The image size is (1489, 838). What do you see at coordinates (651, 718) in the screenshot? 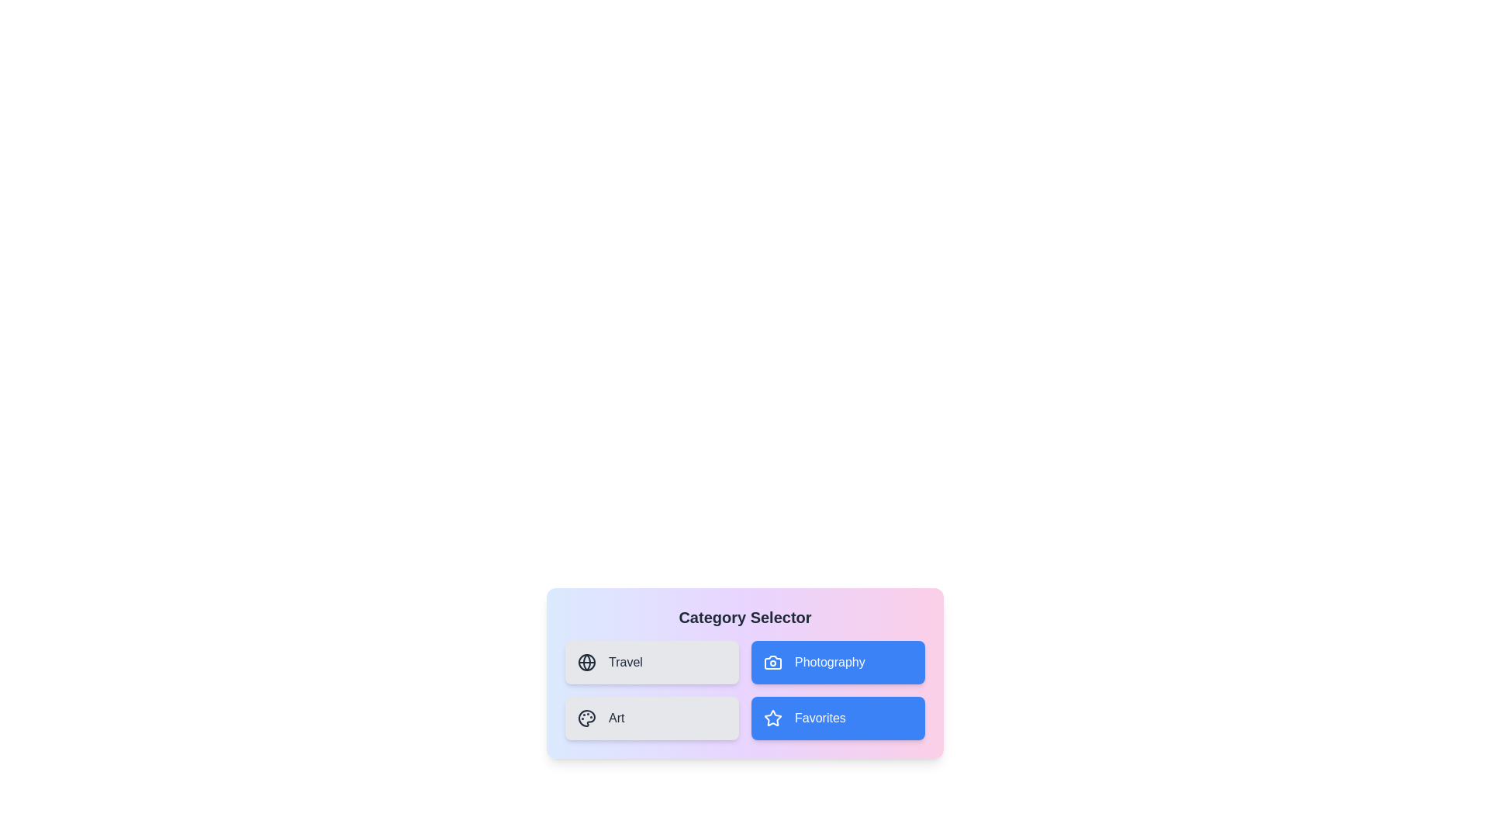
I see `the 'Art' category button to toggle its selection state` at bounding box center [651, 718].